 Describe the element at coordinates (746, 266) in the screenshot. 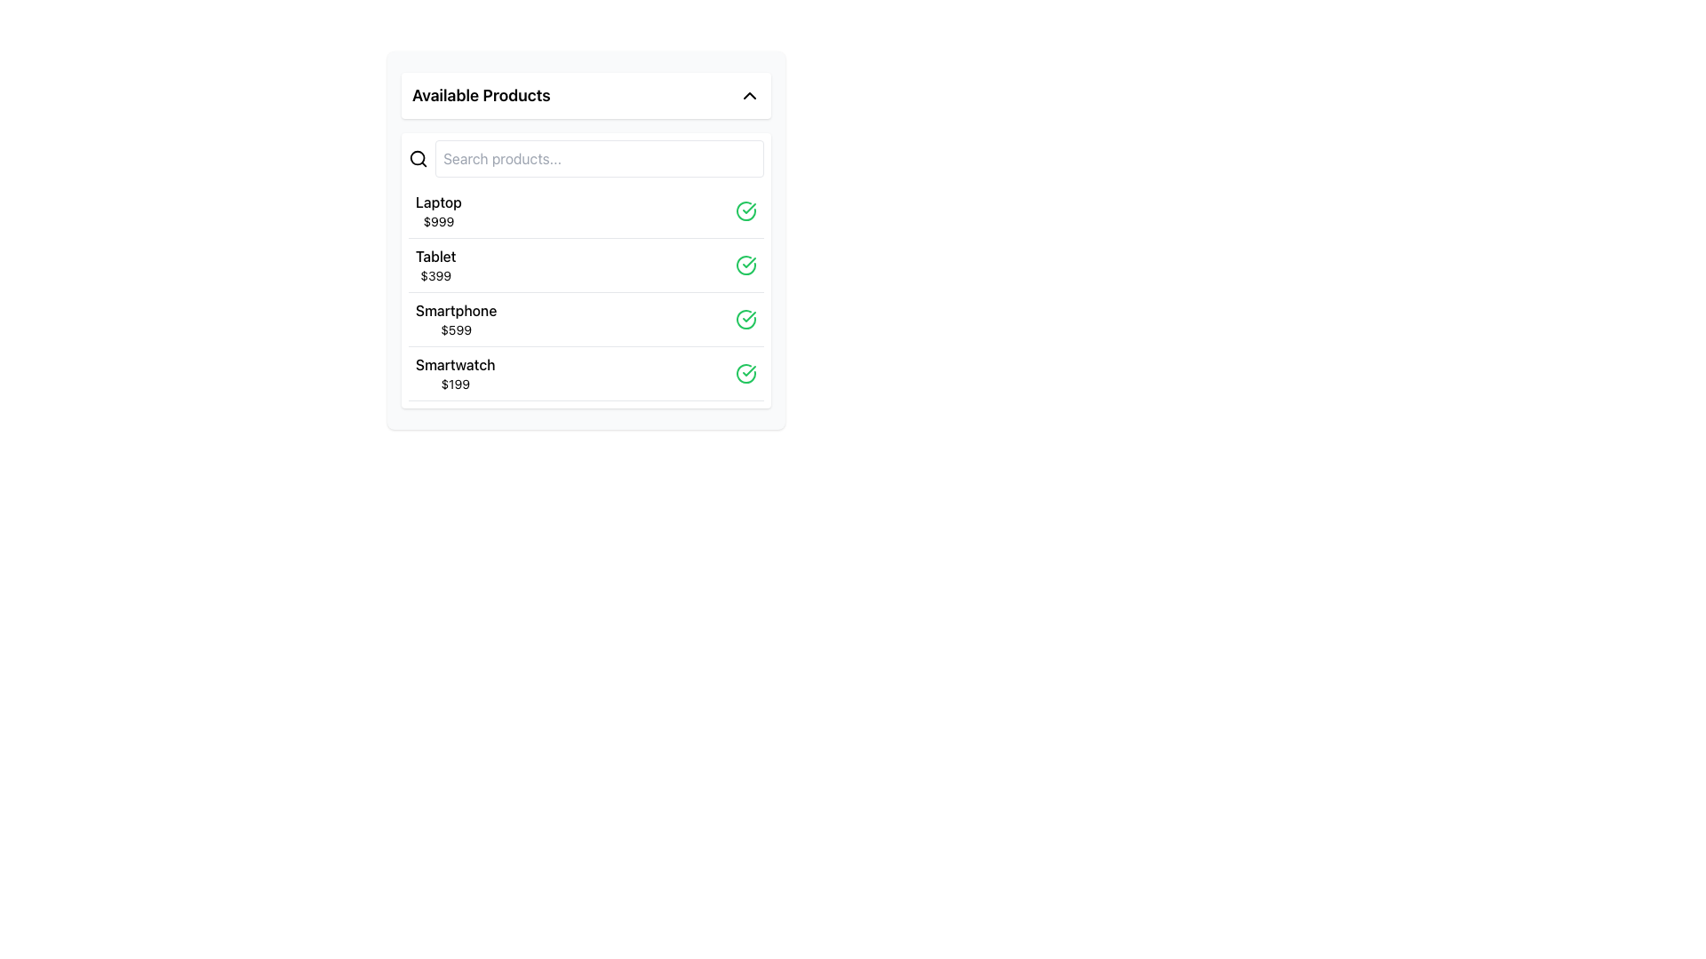

I see `the small circular vector icon outlined in green with a checkmark, located on the right side of the 'Tablet $399' row in the product list` at that location.